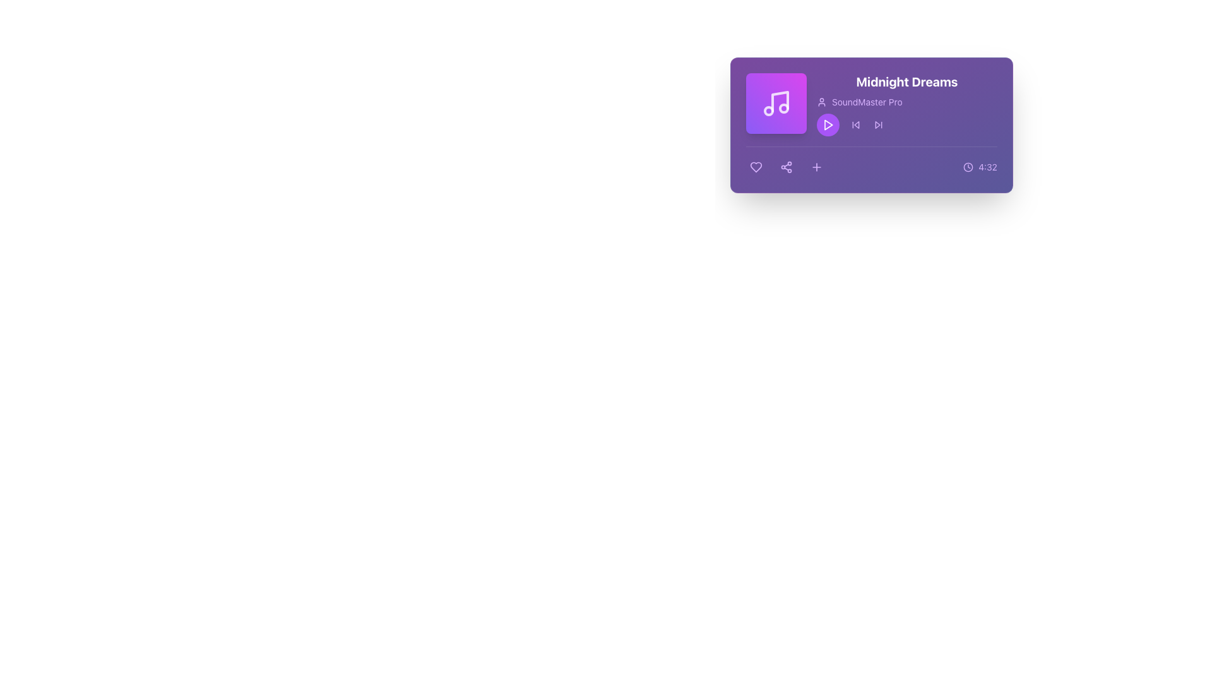 The width and height of the screenshot is (1212, 682). I want to click on the visual indicator icon representing the user or producer associated with the displayed music, which is positioned to the left of the text 'SoundMaster Pro' under the title 'Midnight Dreams', so click(821, 102).